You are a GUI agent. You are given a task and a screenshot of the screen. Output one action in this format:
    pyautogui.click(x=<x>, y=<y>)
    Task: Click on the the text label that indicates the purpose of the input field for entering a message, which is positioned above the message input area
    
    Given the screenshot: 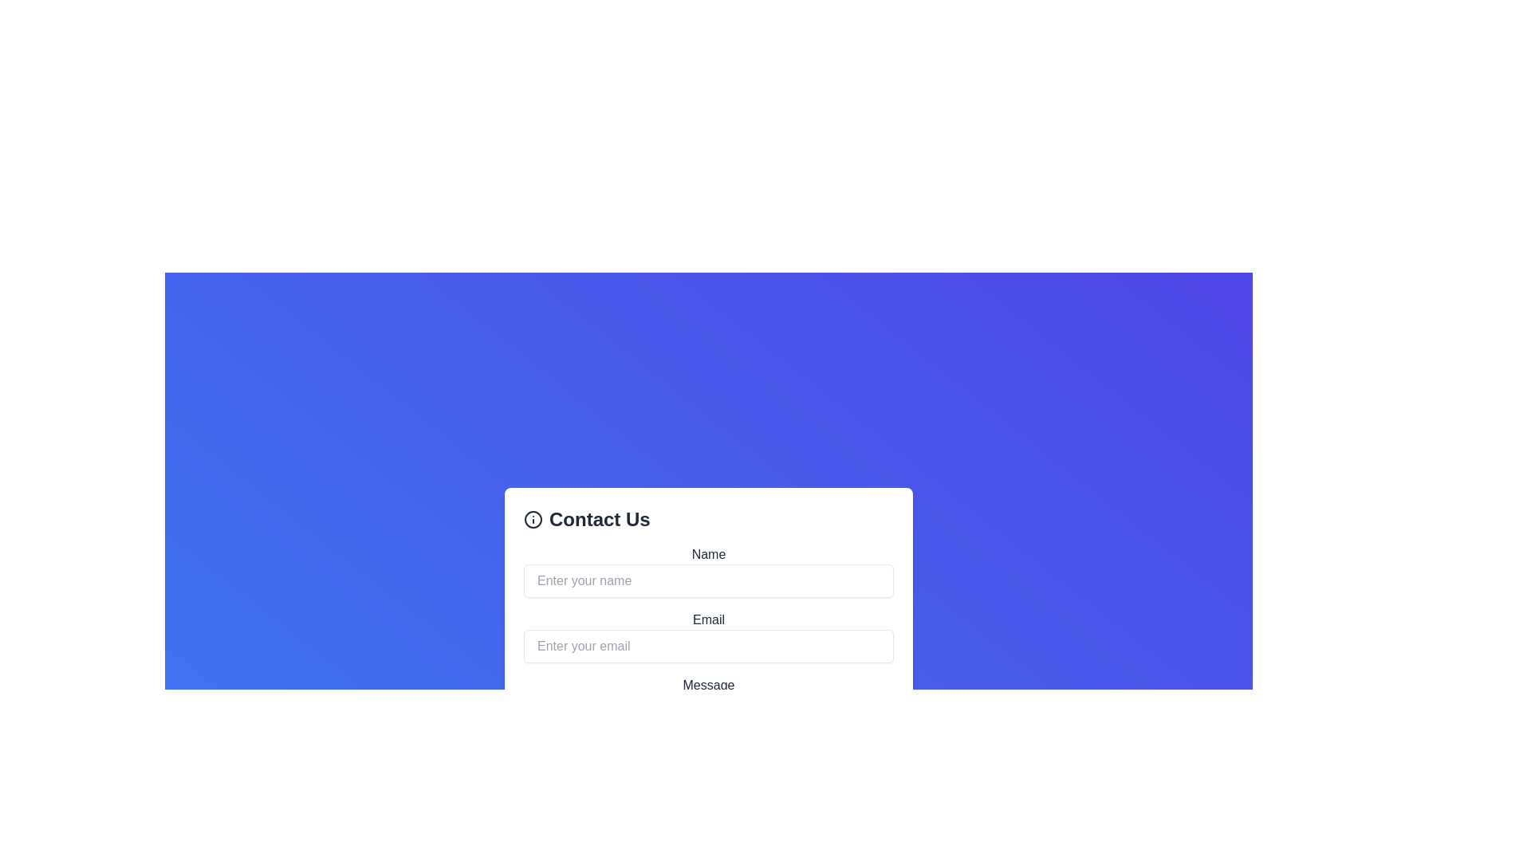 What is the action you would take?
    pyautogui.click(x=707, y=684)
    